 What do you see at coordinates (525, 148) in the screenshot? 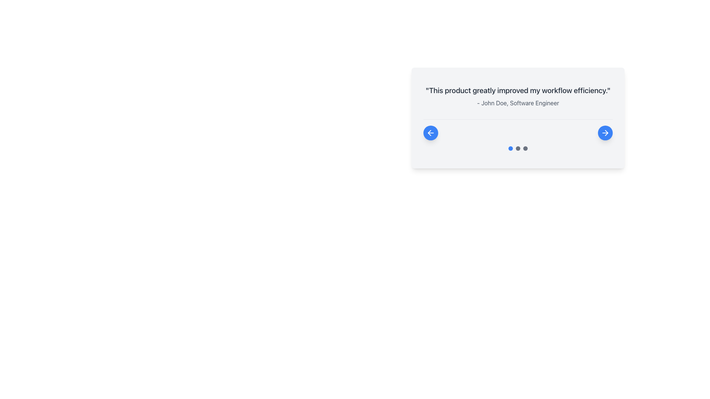
I see `on the third Dot indicator in the carousel navigation at the bottom of the rectangular card` at bounding box center [525, 148].